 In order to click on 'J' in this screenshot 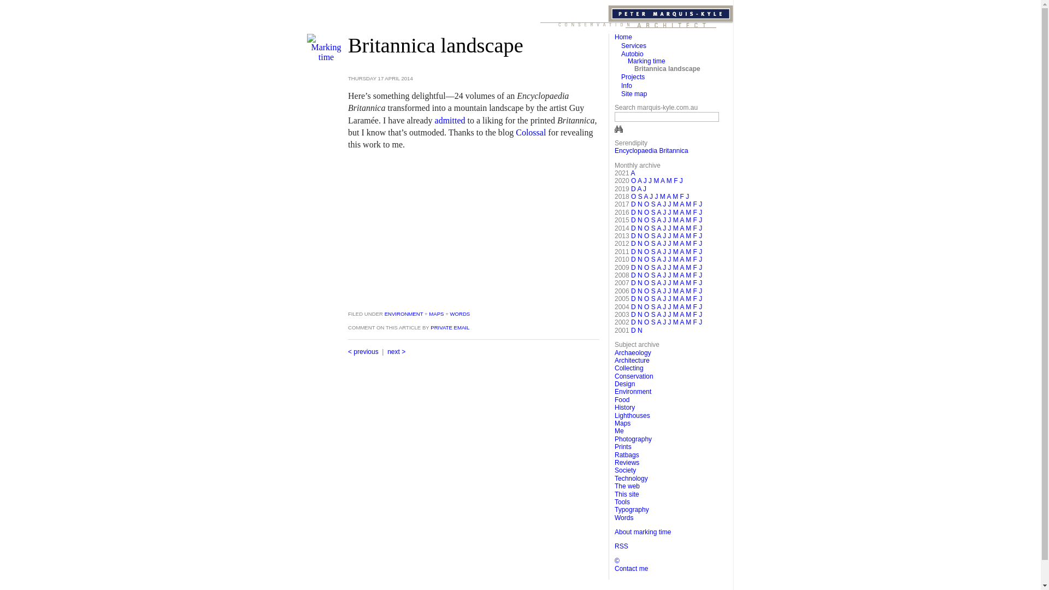, I will do `click(650, 180)`.